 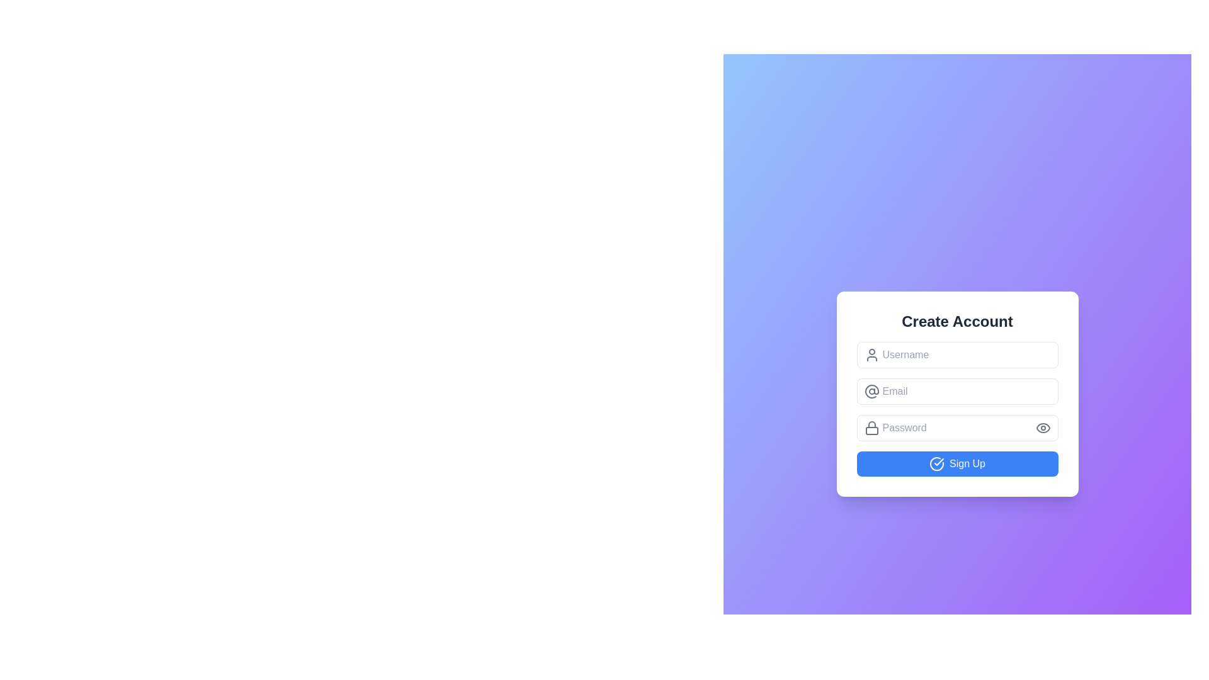 I want to click on the eye-shaped icon, styled in gray, located next to the password input field, so click(x=1043, y=427).